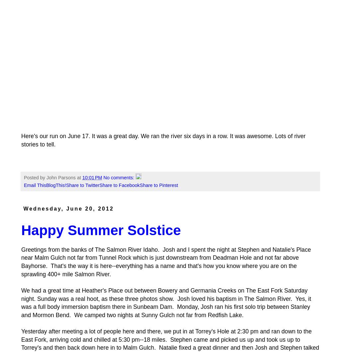  Describe the element at coordinates (61, 177) in the screenshot. I see `'John Parsons'` at that location.